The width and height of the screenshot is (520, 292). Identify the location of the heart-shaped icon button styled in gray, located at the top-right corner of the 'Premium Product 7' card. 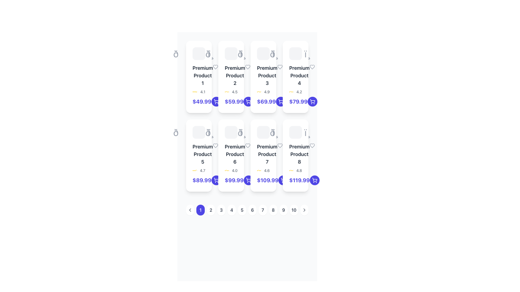
(280, 145).